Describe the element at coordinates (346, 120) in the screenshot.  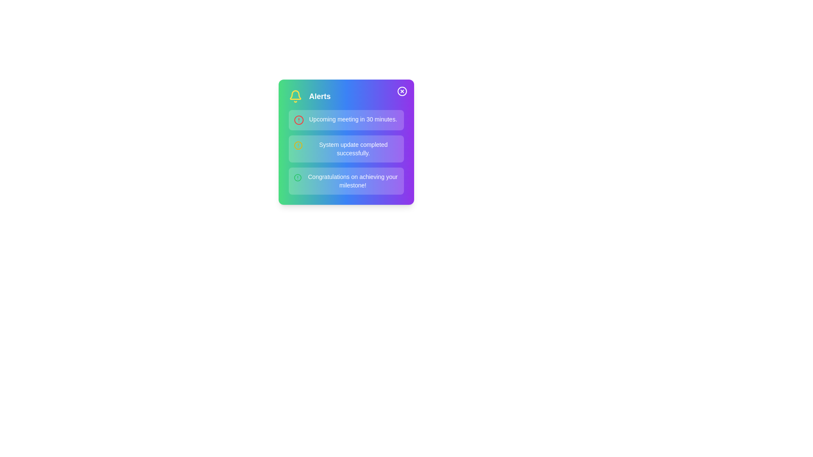
I see `the alert notification item displaying the text 'Upcoming meeting in 30 minutes.' by moving the cursor over it` at that location.